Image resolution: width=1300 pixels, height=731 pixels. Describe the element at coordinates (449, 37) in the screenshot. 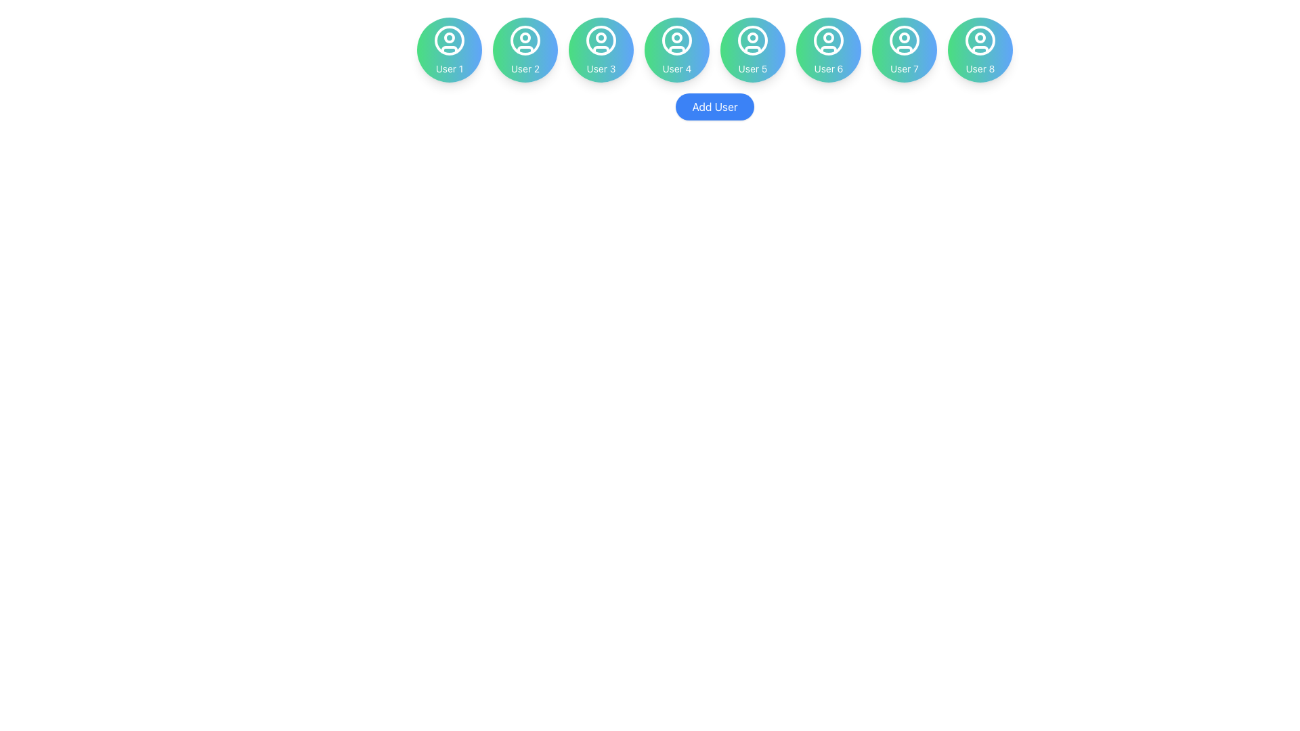

I see `the circular graphical component located within the 'User 1' icon, which symbolizes a profile or graphical aspect related to the user` at that location.